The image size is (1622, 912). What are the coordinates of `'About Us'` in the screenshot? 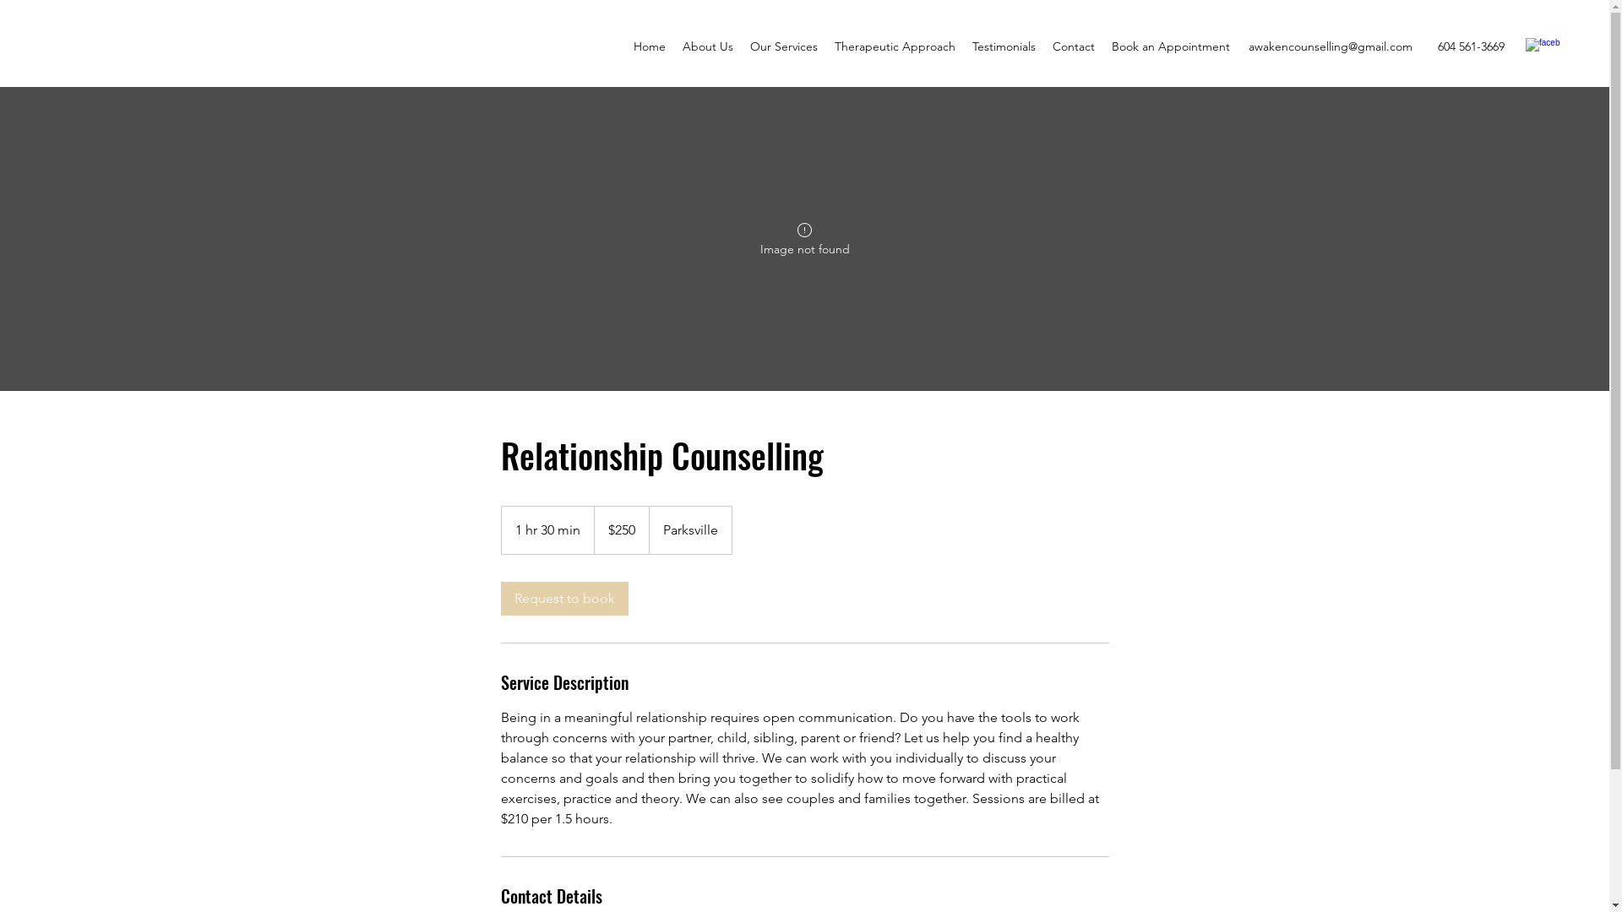 It's located at (708, 45).